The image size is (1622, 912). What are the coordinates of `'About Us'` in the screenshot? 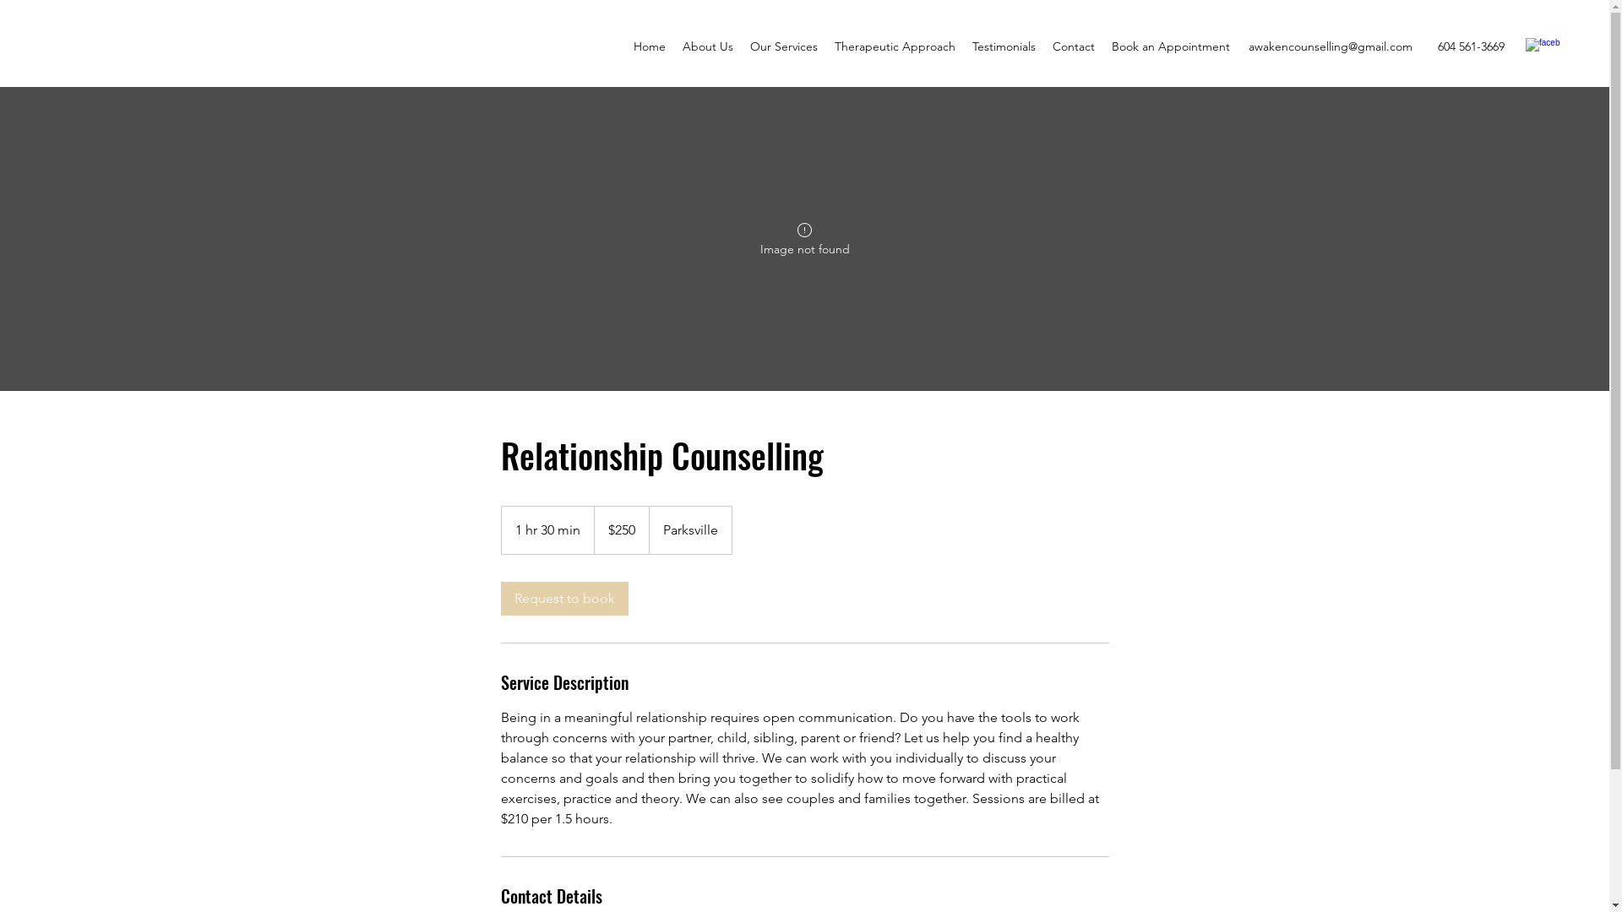 It's located at (708, 45).